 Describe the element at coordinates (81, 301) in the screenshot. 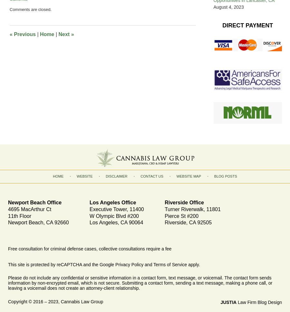

I see `'Cannabis Law Group'` at that location.